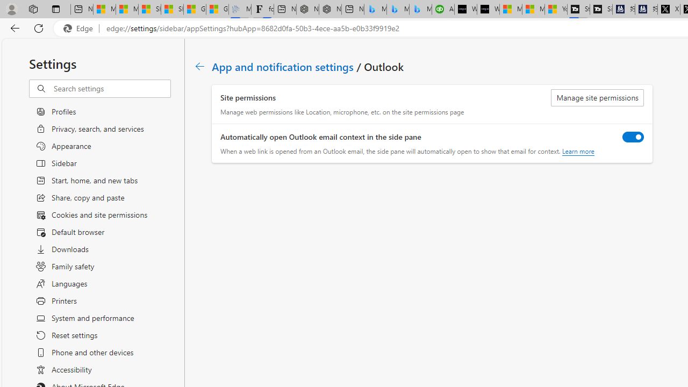 The height and width of the screenshot is (387, 688). What do you see at coordinates (443, 9) in the screenshot?
I see `'Accounting Software for Accountants, CPAs and Bookkeepers'` at bounding box center [443, 9].